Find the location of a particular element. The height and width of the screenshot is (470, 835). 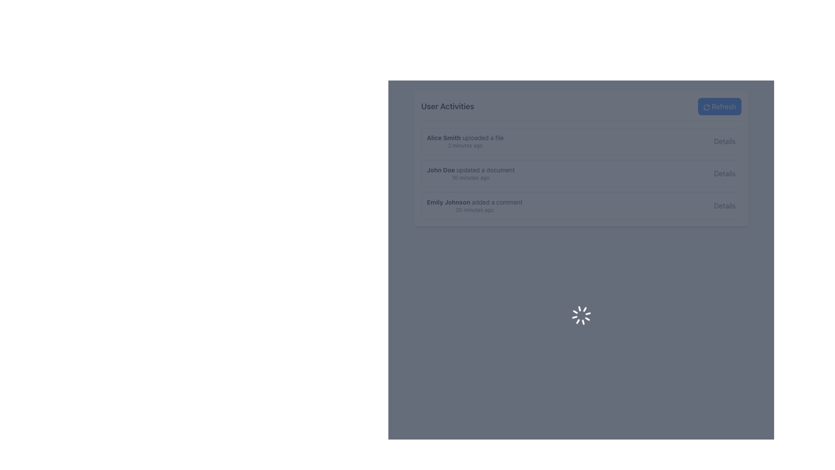

the label displaying the name 'Emily Johnson' within the 'User Activities' section, which indicates the user associated with a specific activity is located at coordinates (448, 202).